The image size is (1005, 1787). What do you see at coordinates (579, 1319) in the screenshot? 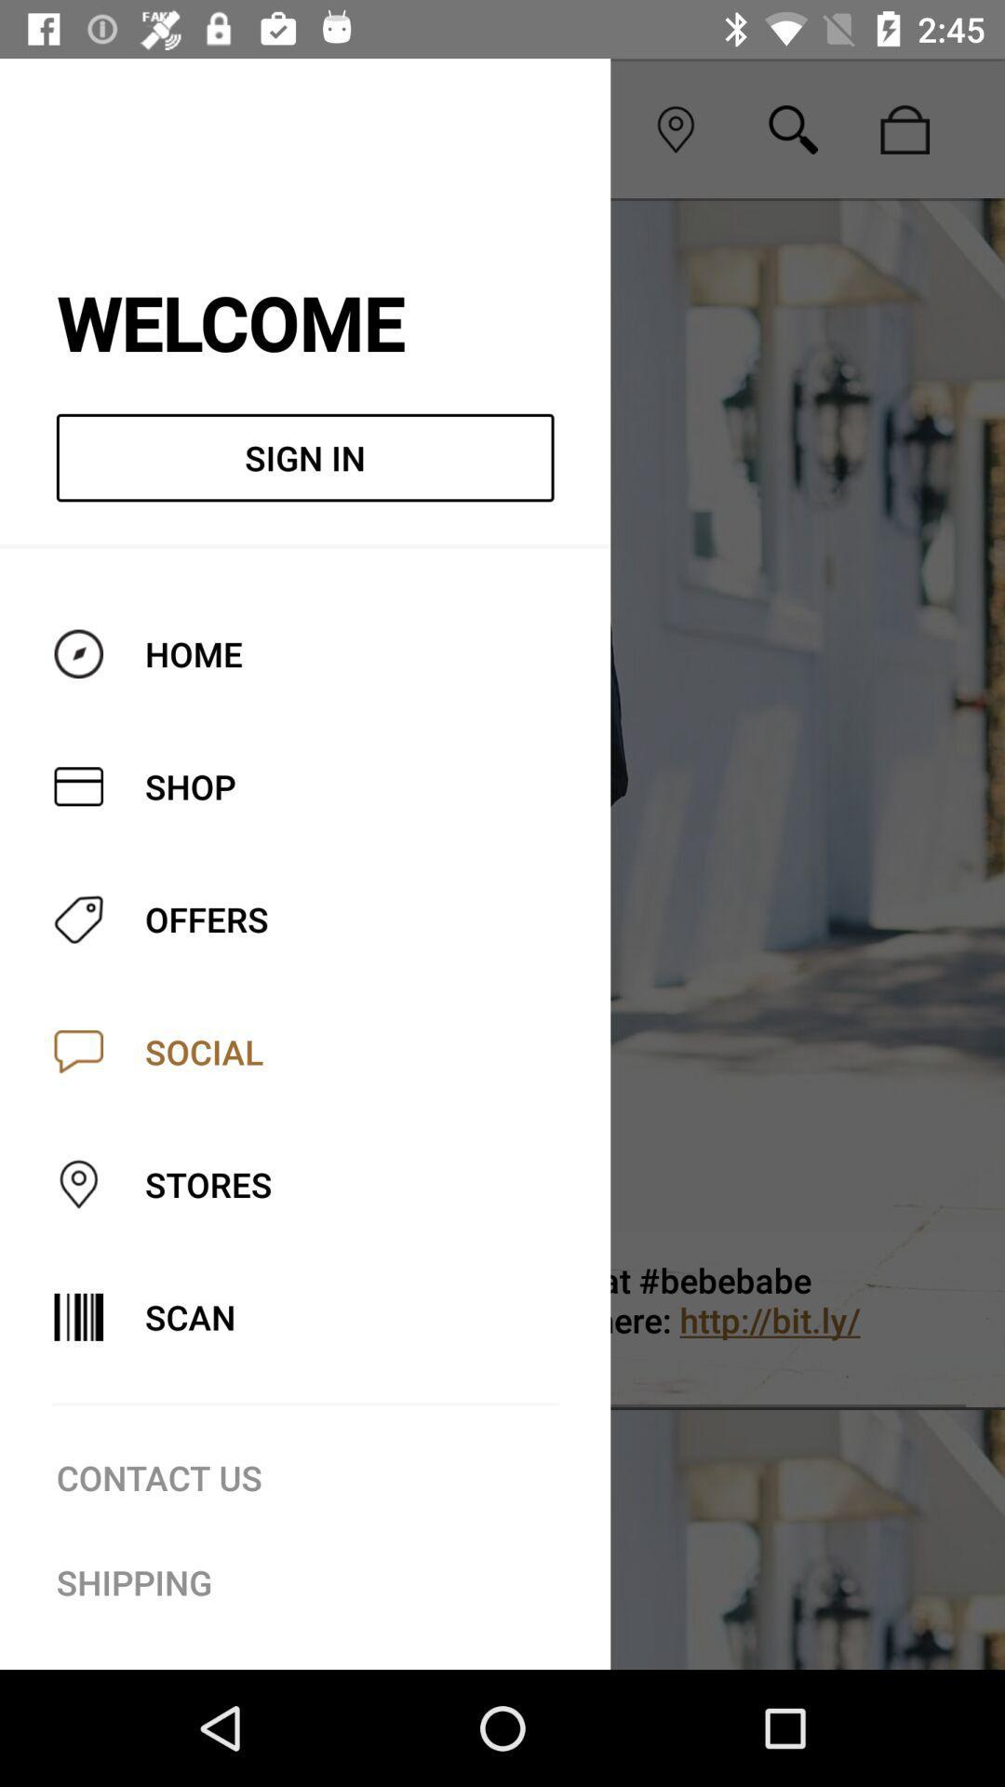
I see `embroidered bomber on` at bounding box center [579, 1319].